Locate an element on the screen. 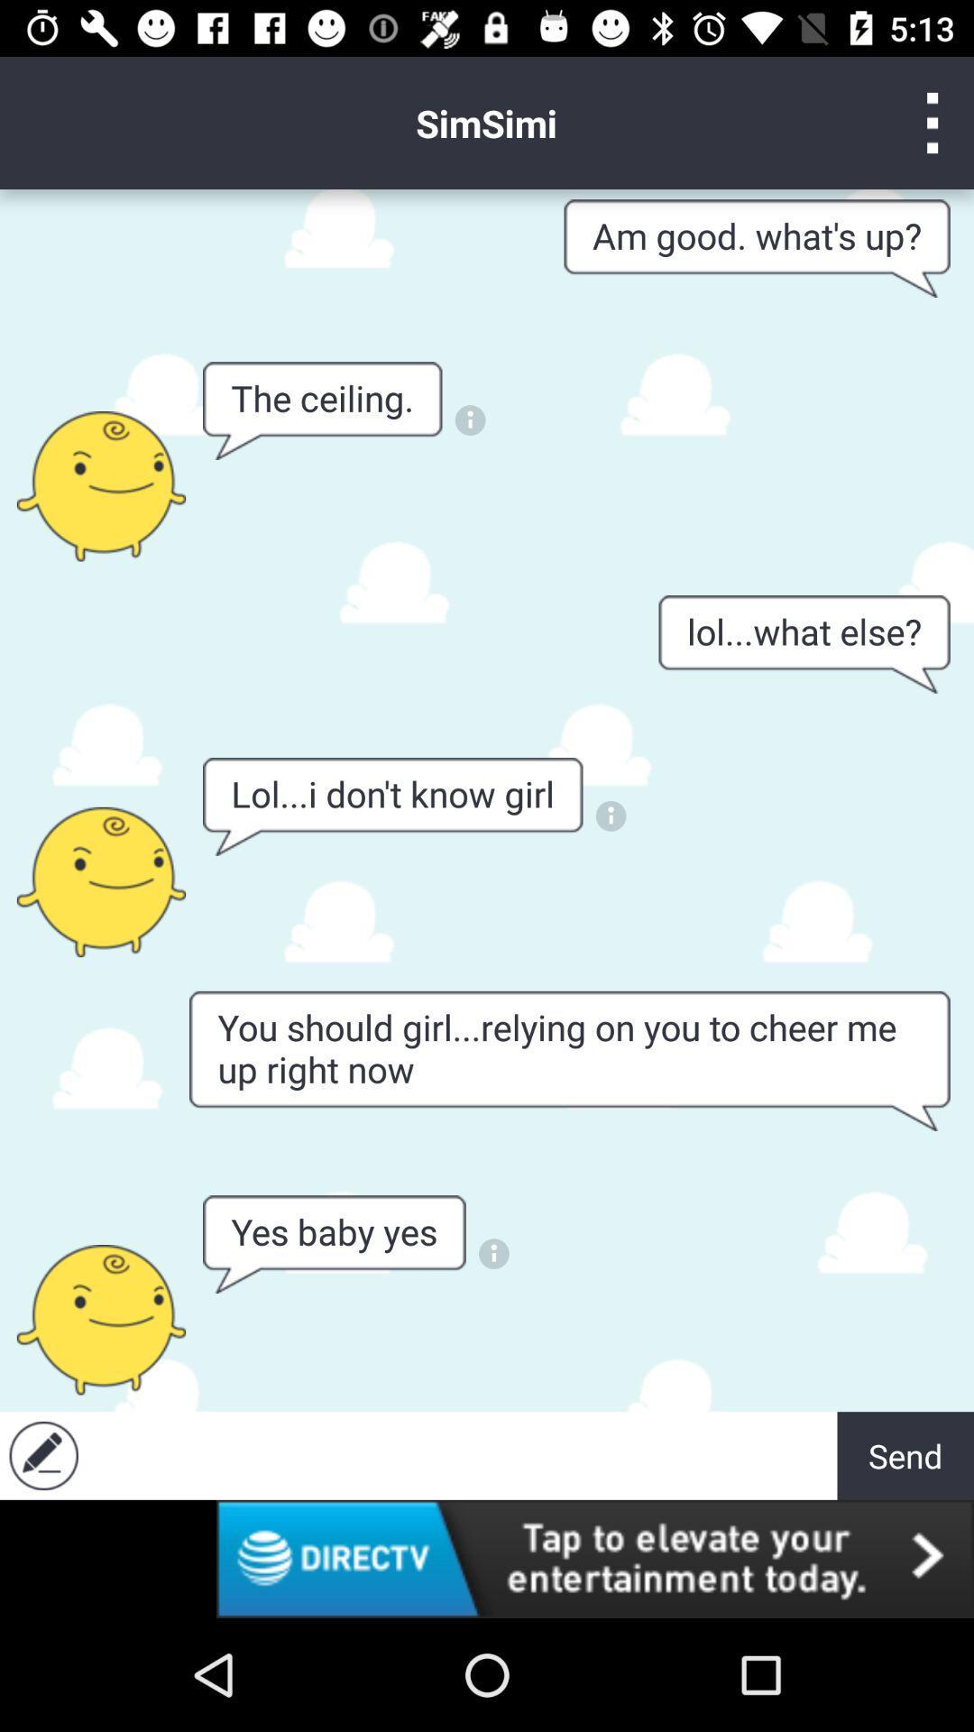 Image resolution: width=974 pixels, height=1732 pixels. see info is located at coordinates (610, 815).